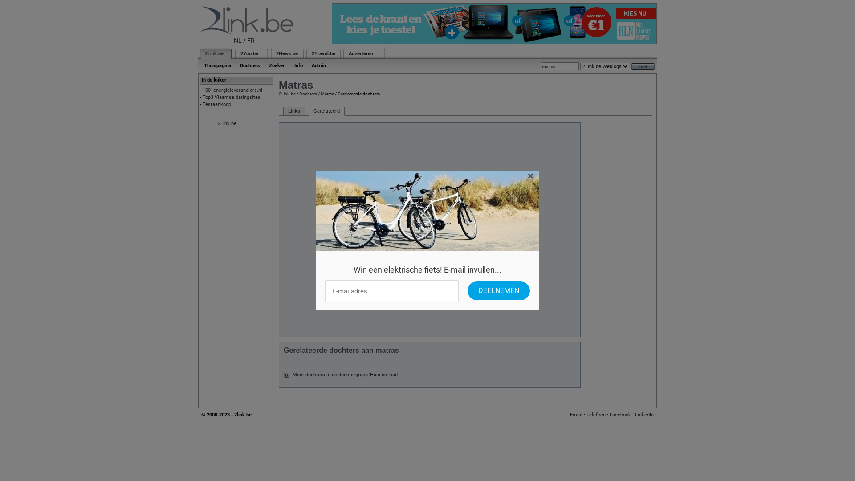  What do you see at coordinates (644, 415) in the screenshot?
I see `'LinkedIn'` at bounding box center [644, 415].